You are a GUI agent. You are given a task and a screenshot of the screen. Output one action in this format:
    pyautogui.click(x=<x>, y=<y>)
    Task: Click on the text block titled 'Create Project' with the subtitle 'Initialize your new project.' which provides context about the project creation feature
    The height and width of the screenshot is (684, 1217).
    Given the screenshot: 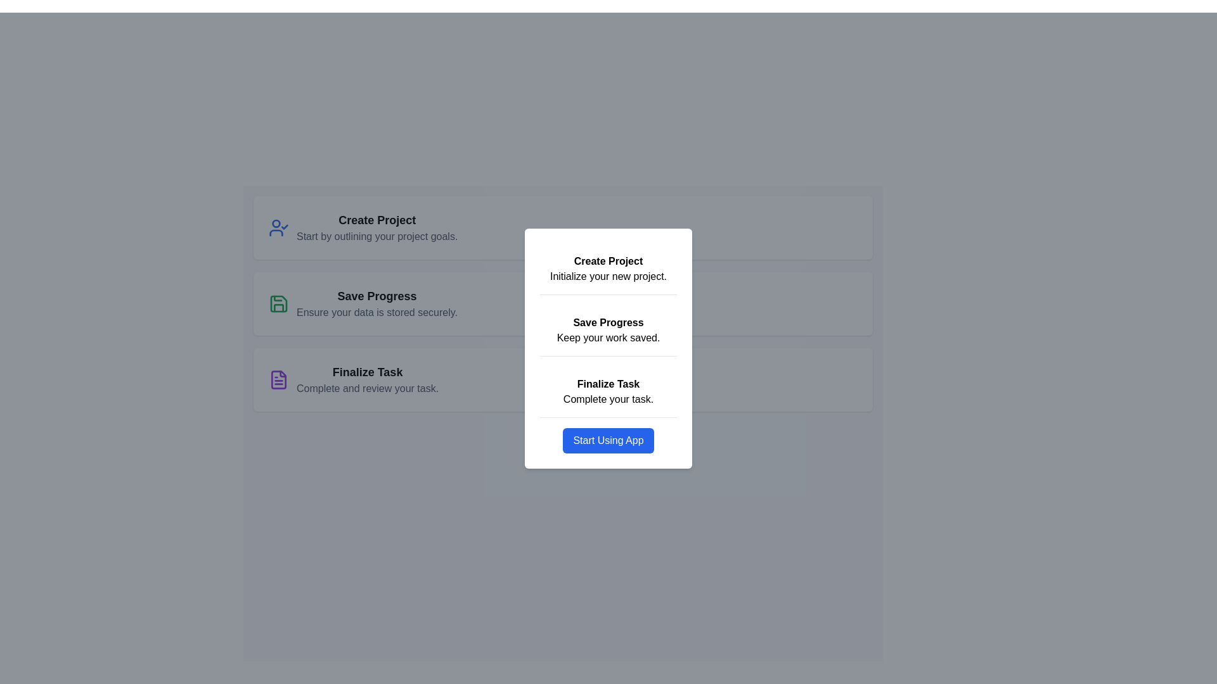 What is the action you would take?
    pyautogui.click(x=608, y=268)
    